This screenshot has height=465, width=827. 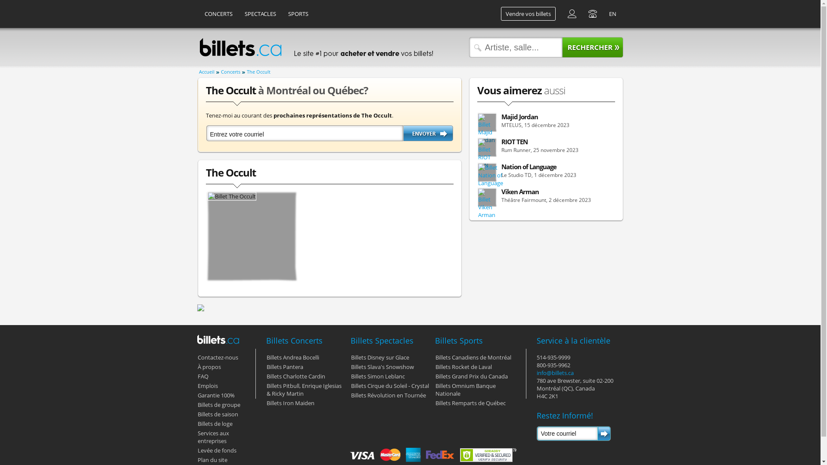 What do you see at coordinates (463, 367) in the screenshot?
I see `'Billets Rocket de Laval'` at bounding box center [463, 367].